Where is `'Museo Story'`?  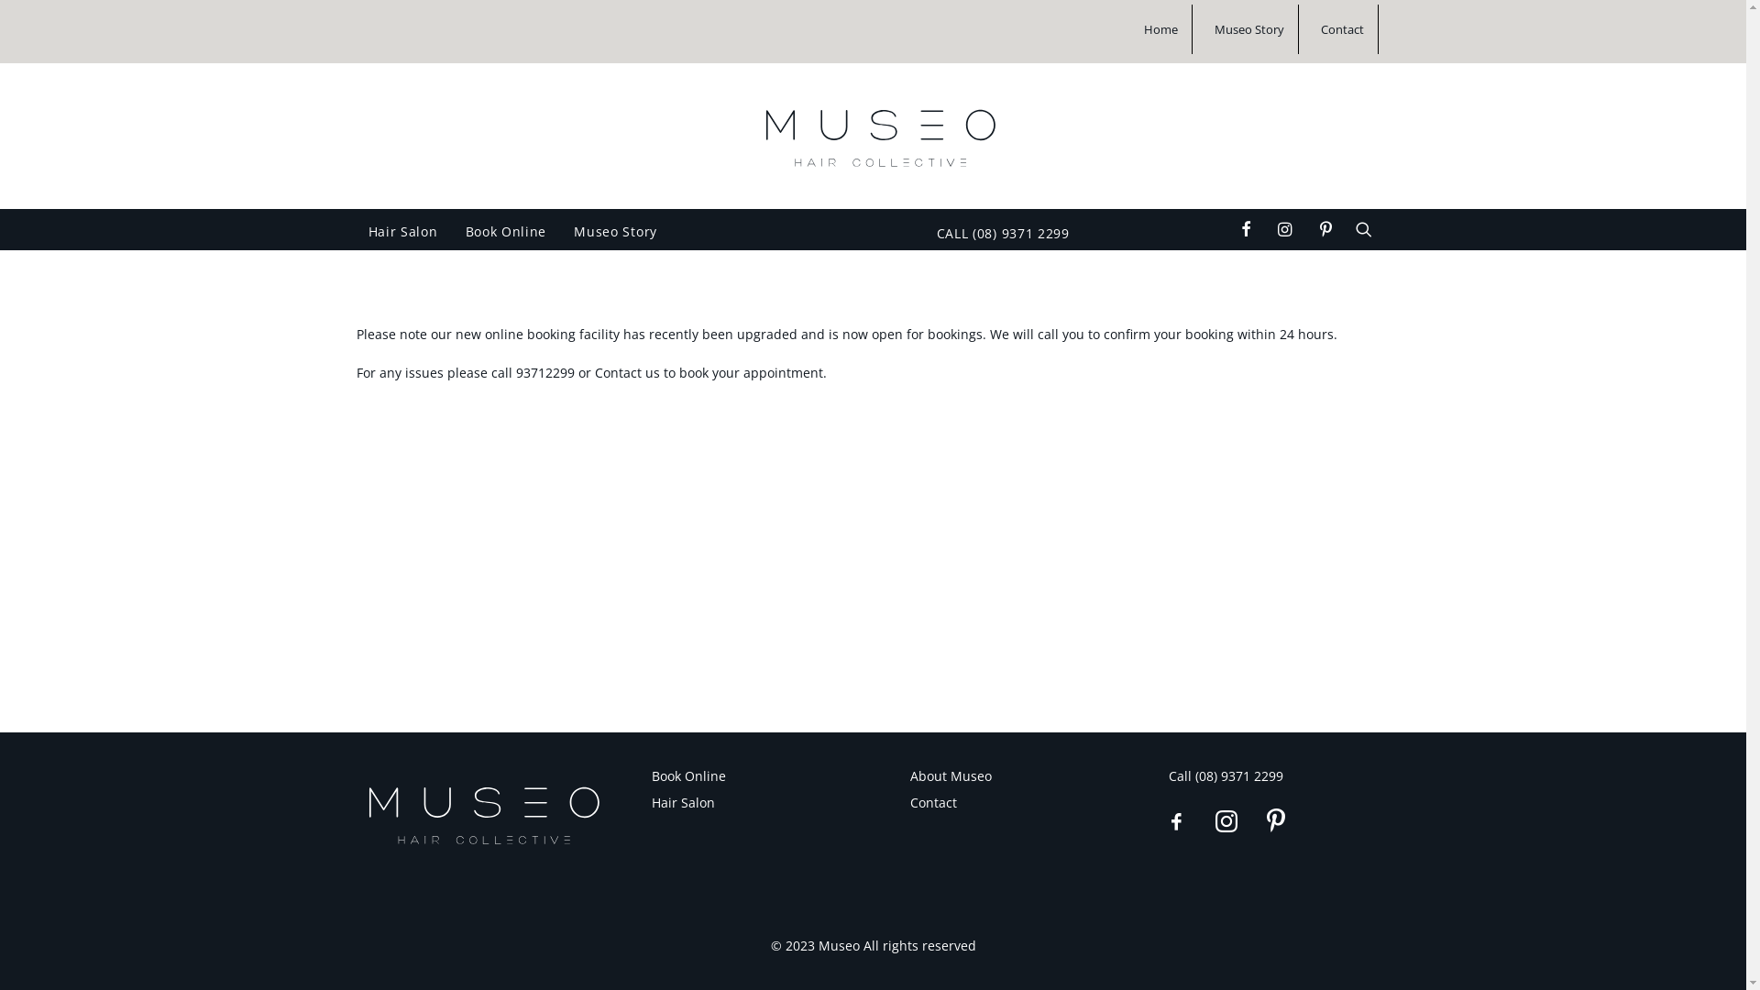 'Museo Story' is located at coordinates (1246, 28).